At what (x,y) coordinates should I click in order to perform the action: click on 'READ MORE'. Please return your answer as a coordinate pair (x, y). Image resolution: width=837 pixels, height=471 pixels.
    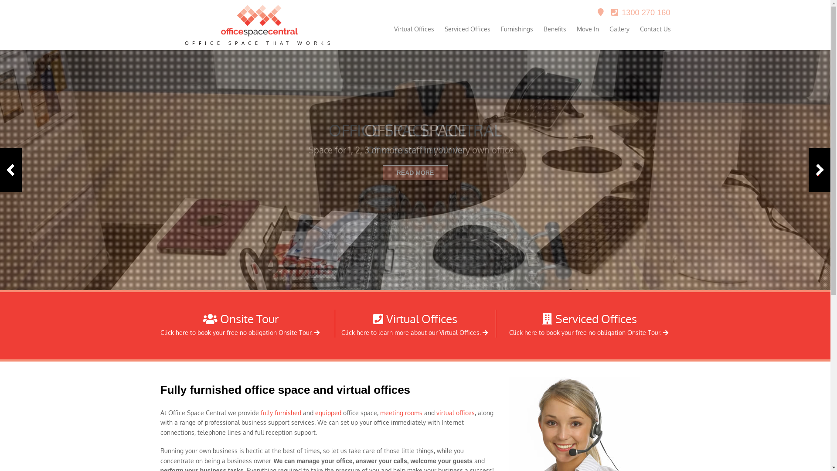
    Looking at the image, I should click on (415, 173).